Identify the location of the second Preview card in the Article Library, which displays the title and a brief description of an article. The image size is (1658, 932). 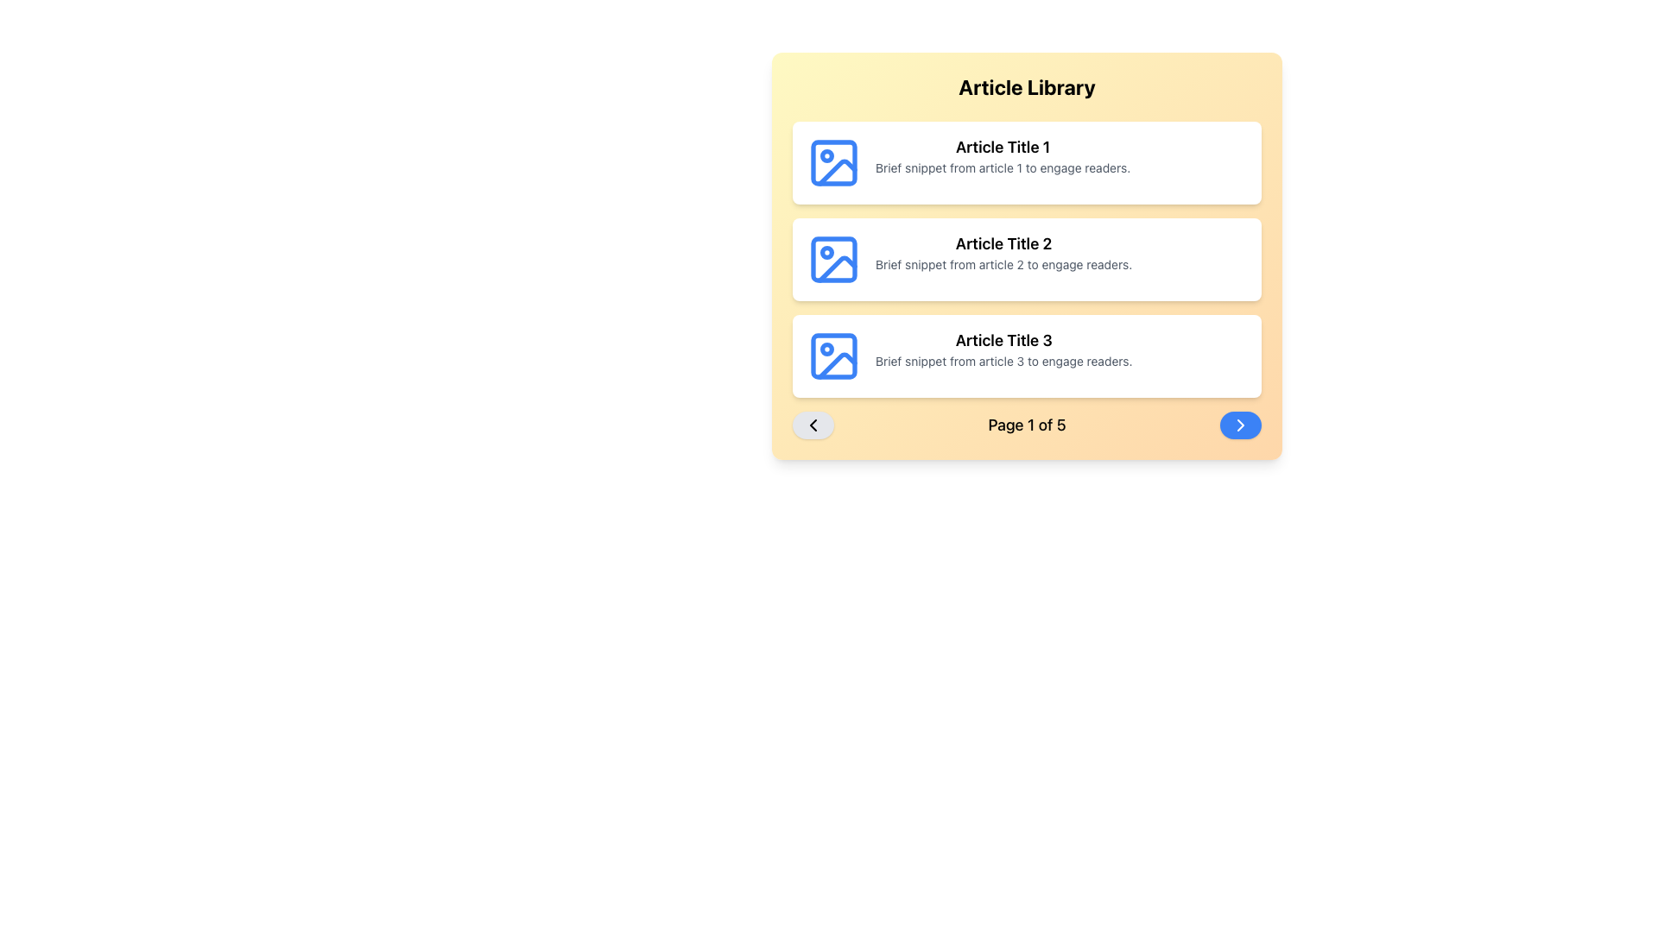
(1027, 259).